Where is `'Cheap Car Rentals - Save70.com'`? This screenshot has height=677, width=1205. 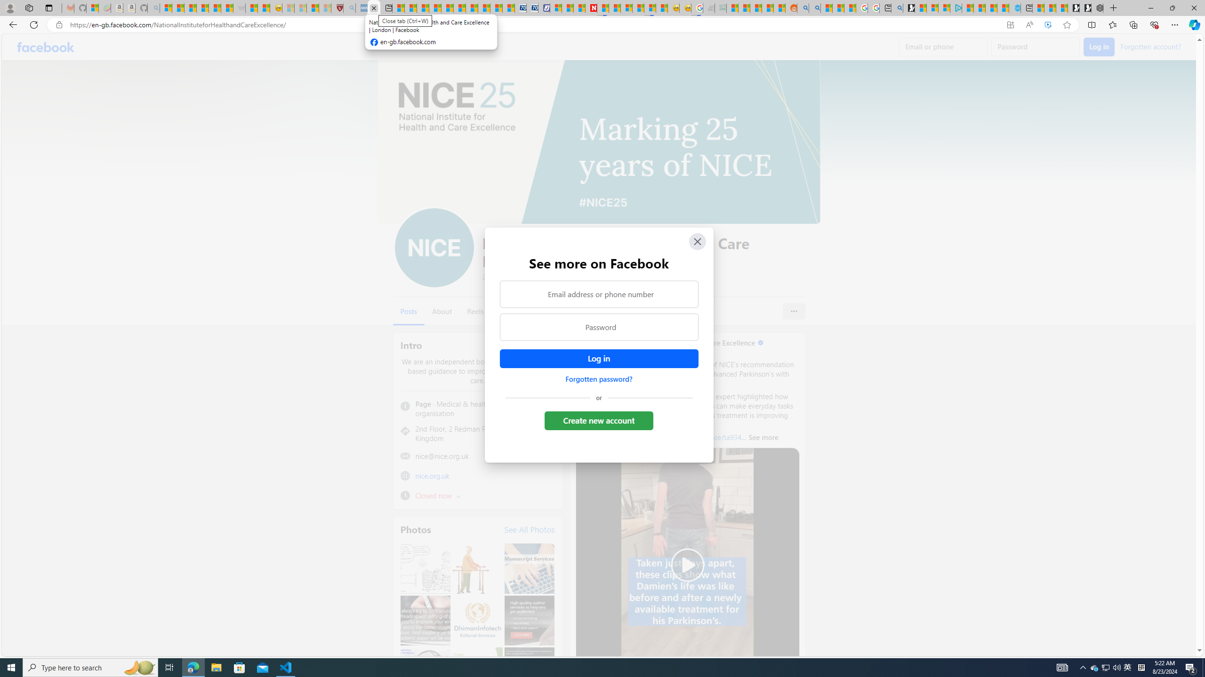
'Cheap Car Rentals - Save70.com' is located at coordinates (520, 8).